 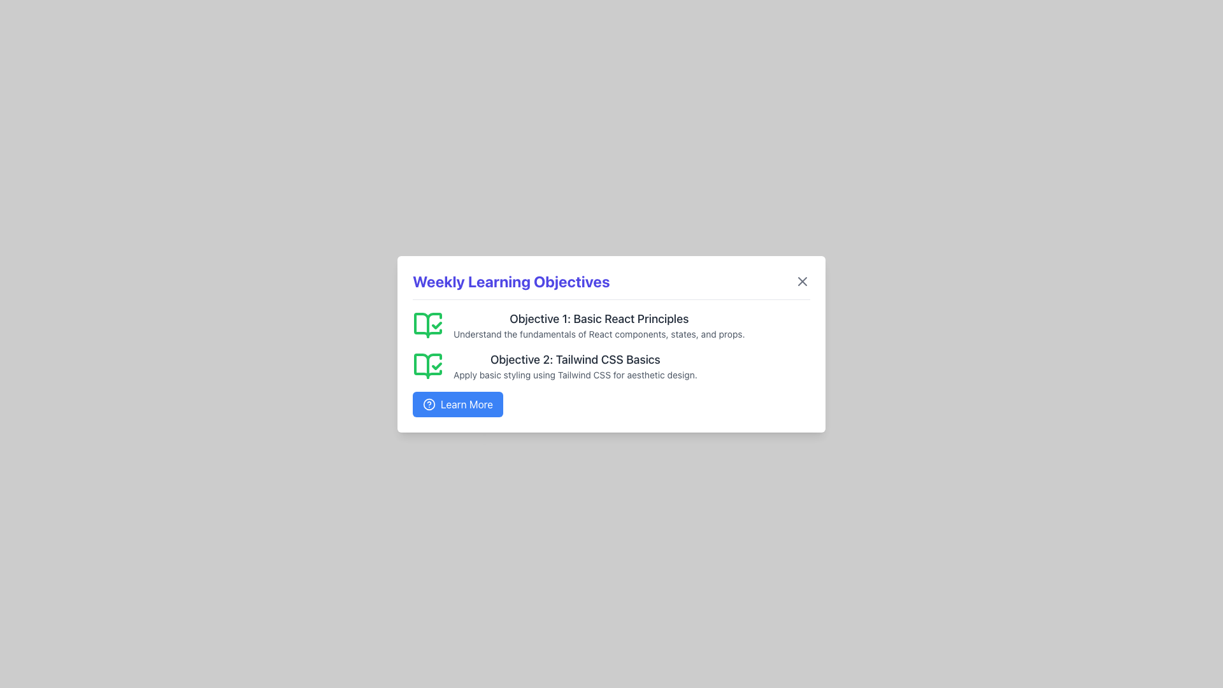 I want to click on the help icon located to the left of the 'Learn More' text within the blue rounded rectangular button at the bottom of the card, so click(x=429, y=404).